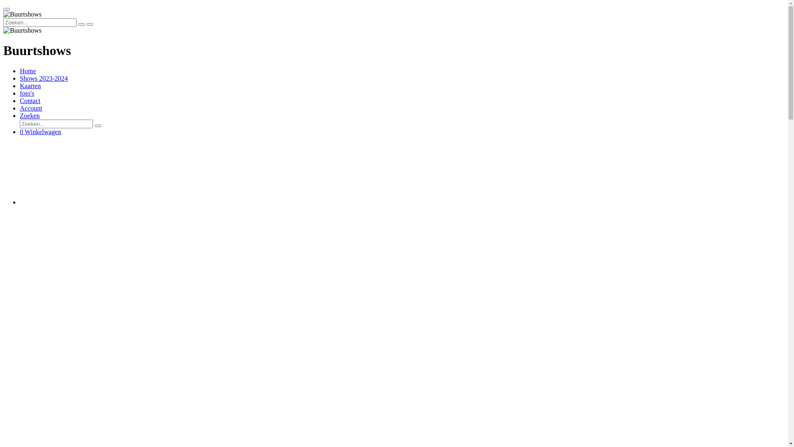  I want to click on 'Shows 2023-2024', so click(20, 78).